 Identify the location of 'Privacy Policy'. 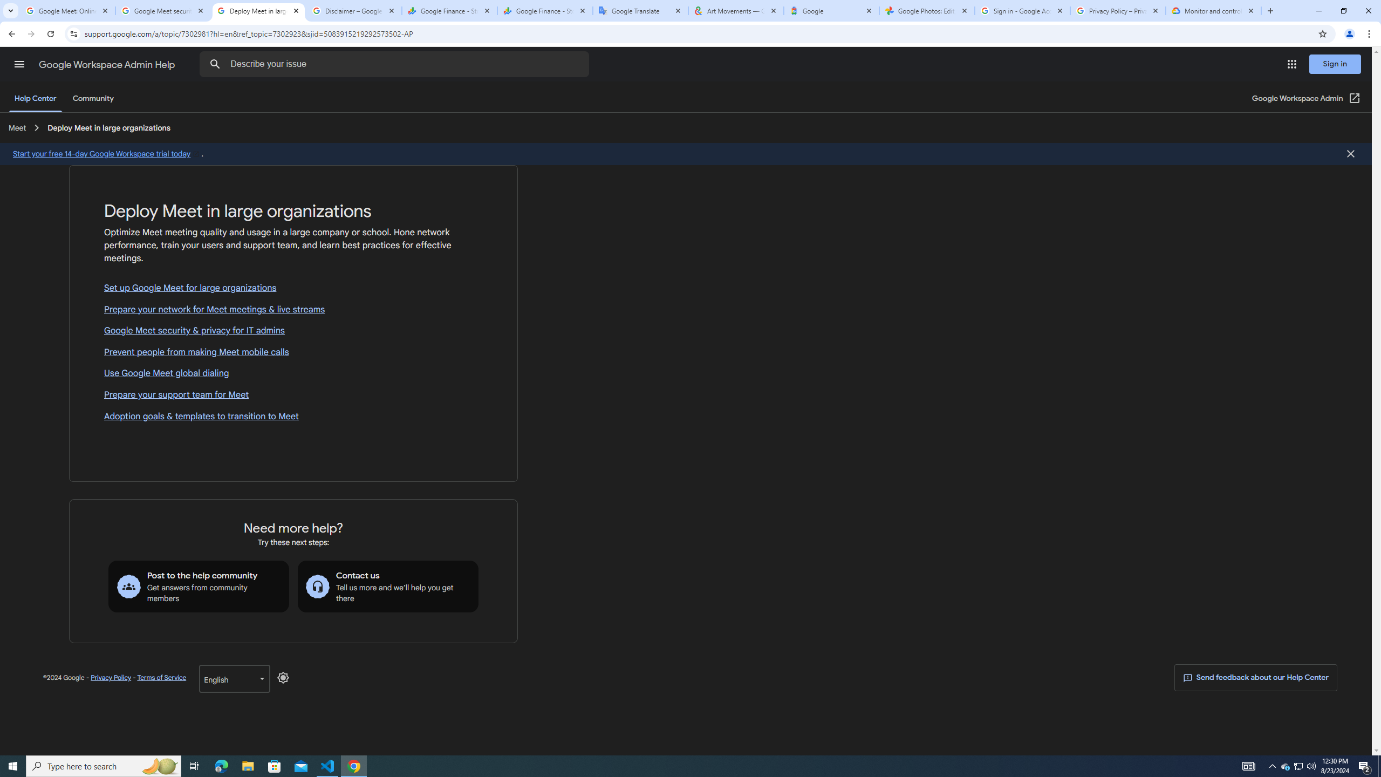
(111, 678).